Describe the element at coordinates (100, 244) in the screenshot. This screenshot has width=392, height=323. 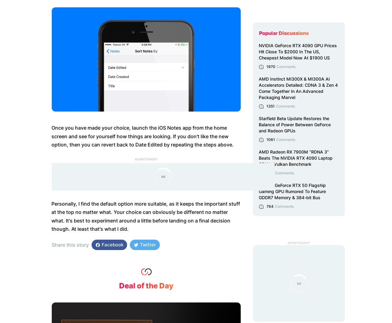
I see `'Facebook'` at that location.